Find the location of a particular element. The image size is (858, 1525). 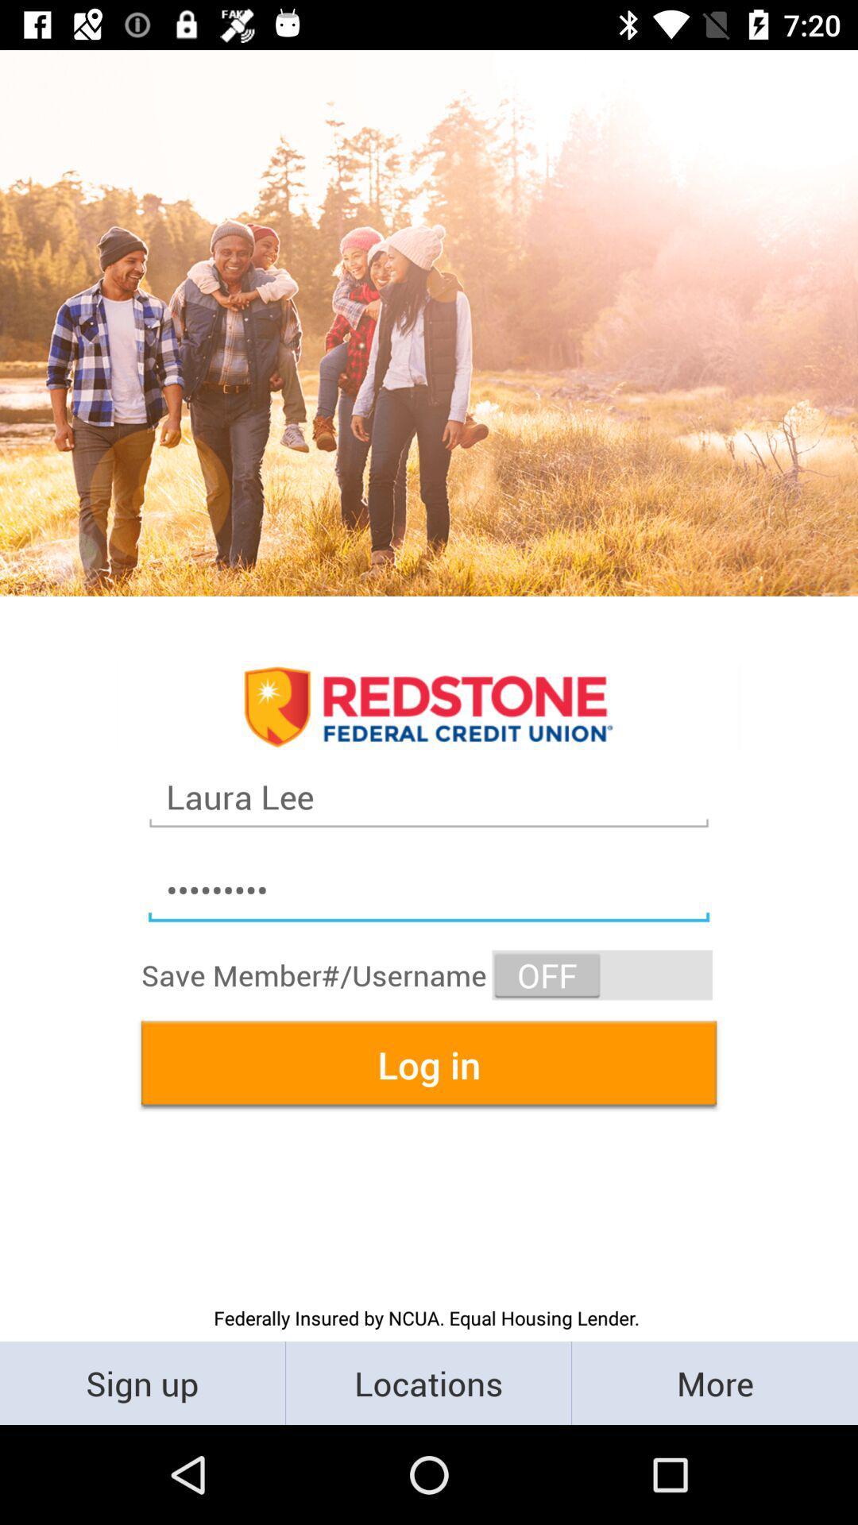

log in item is located at coordinates (429, 1064).